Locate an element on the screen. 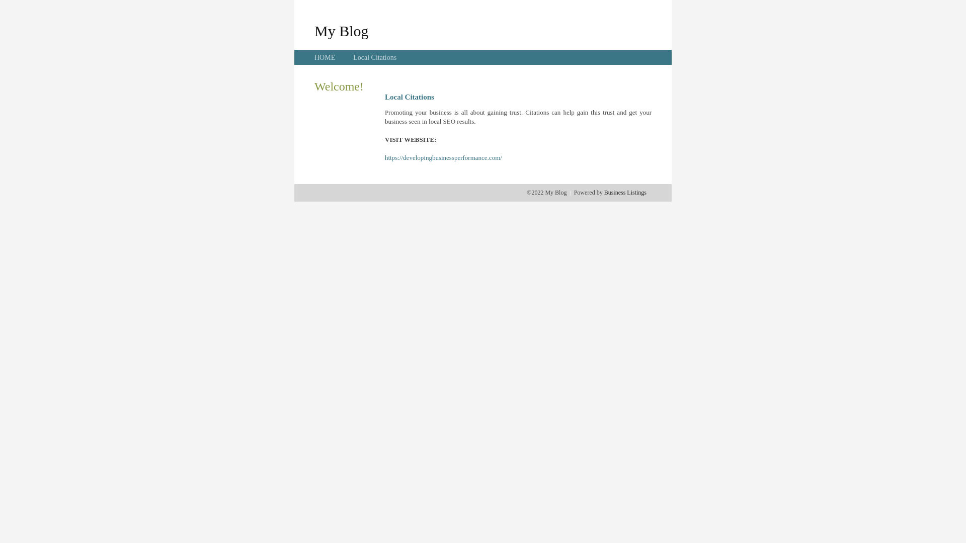 This screenshot has width=966, height=543. 'Local Citations' is located at coordinates (374, 57).